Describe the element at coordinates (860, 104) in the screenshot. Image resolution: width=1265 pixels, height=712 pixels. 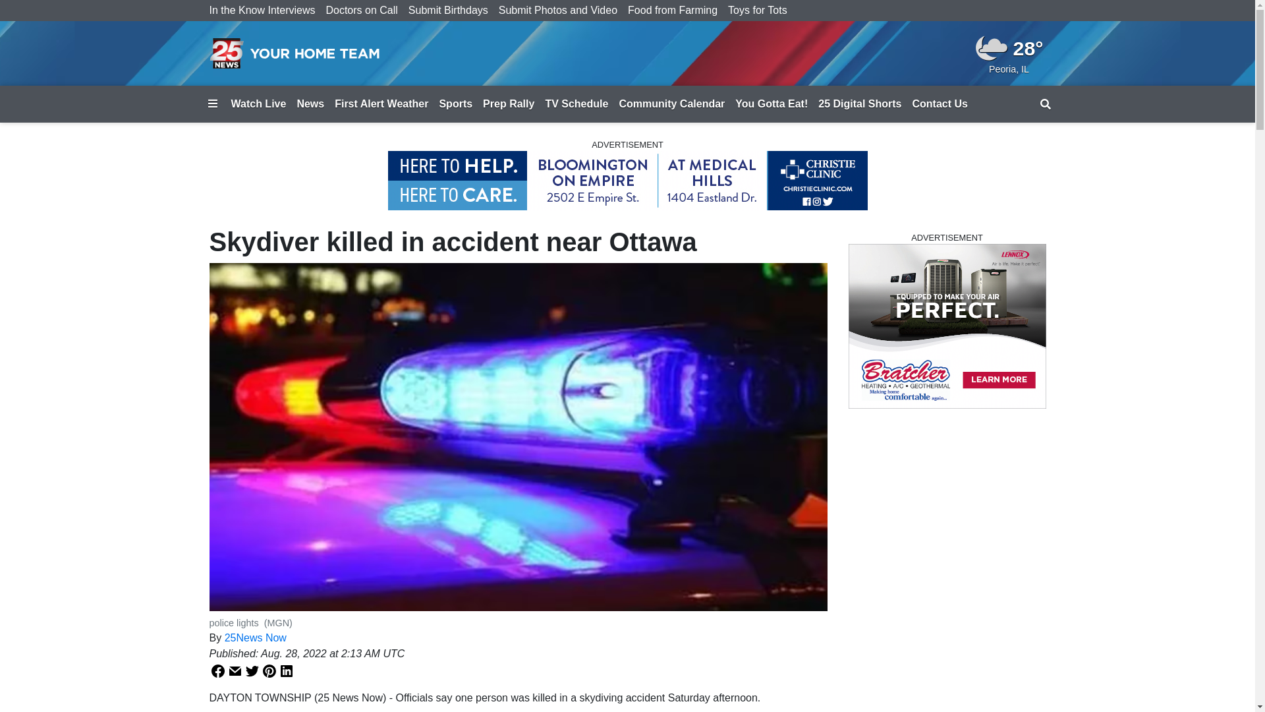
I see `'25 Digital Shorts'` at that location.